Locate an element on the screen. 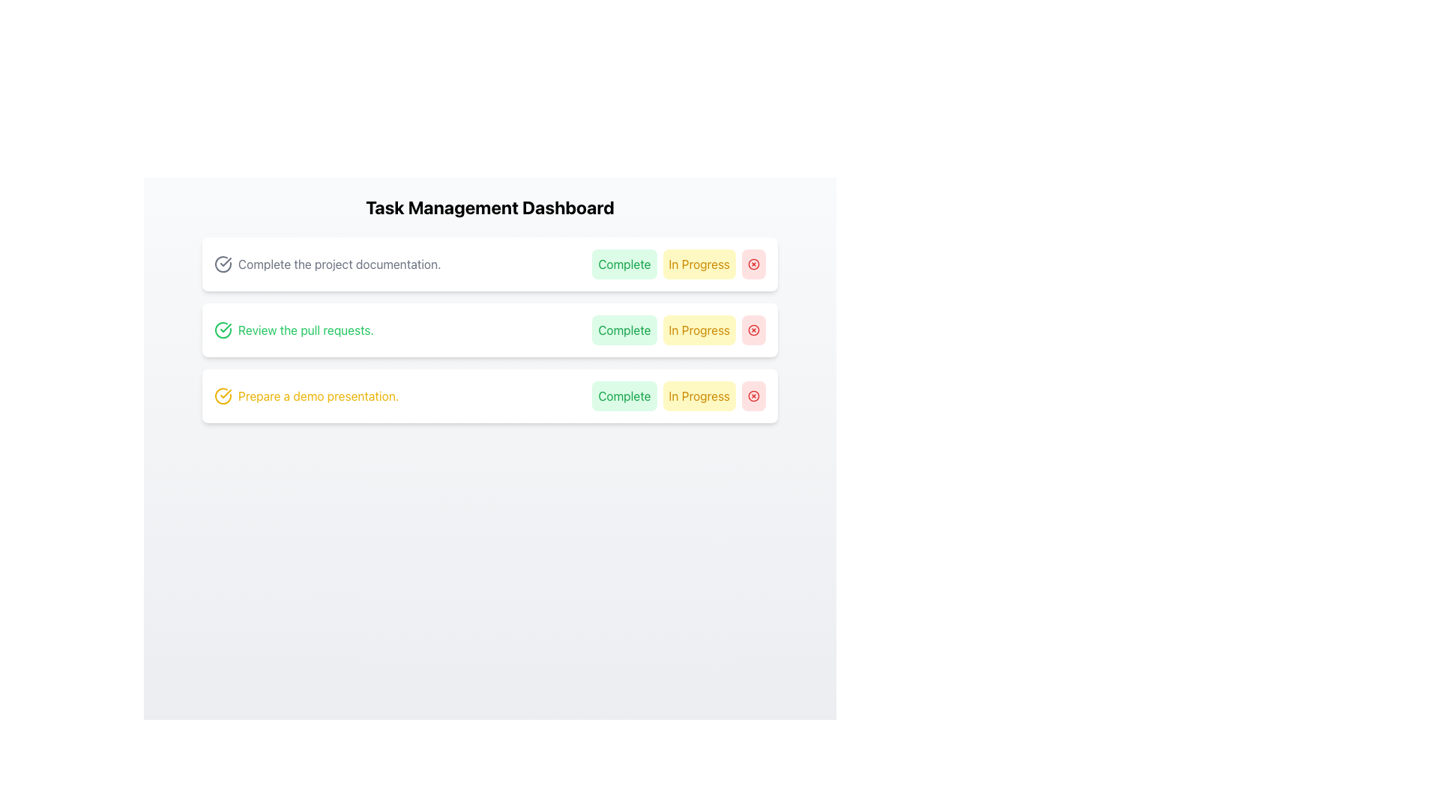  the third button in the task management dashboard, which serves as a 'delete' or 'remove' function, to observe the hover effect is located at coordinates (754, 264).